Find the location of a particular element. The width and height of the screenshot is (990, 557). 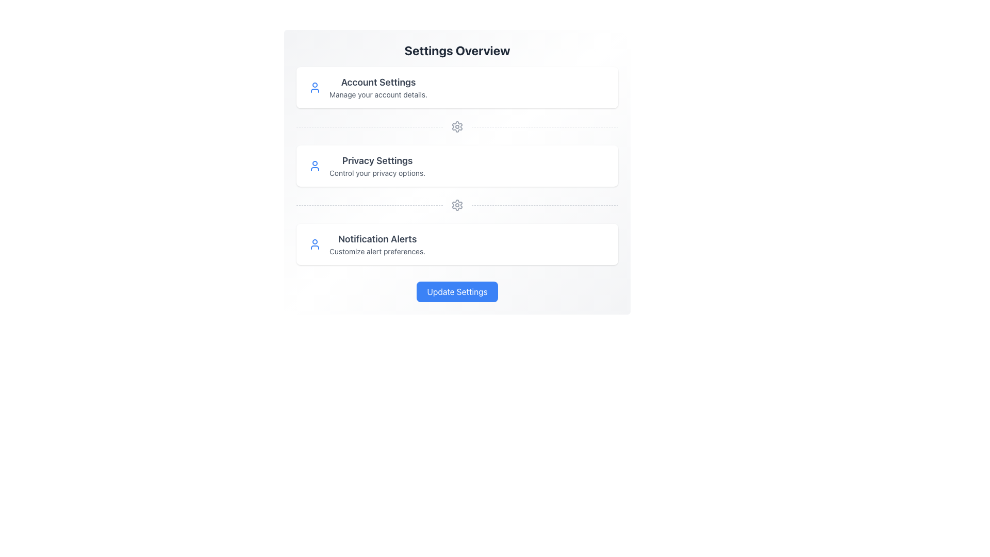

the decorative divider with icon located between the 'Privacy Settings' and 'Notification Alerts' sections in the settings panel is located at coordinates (457, 205).